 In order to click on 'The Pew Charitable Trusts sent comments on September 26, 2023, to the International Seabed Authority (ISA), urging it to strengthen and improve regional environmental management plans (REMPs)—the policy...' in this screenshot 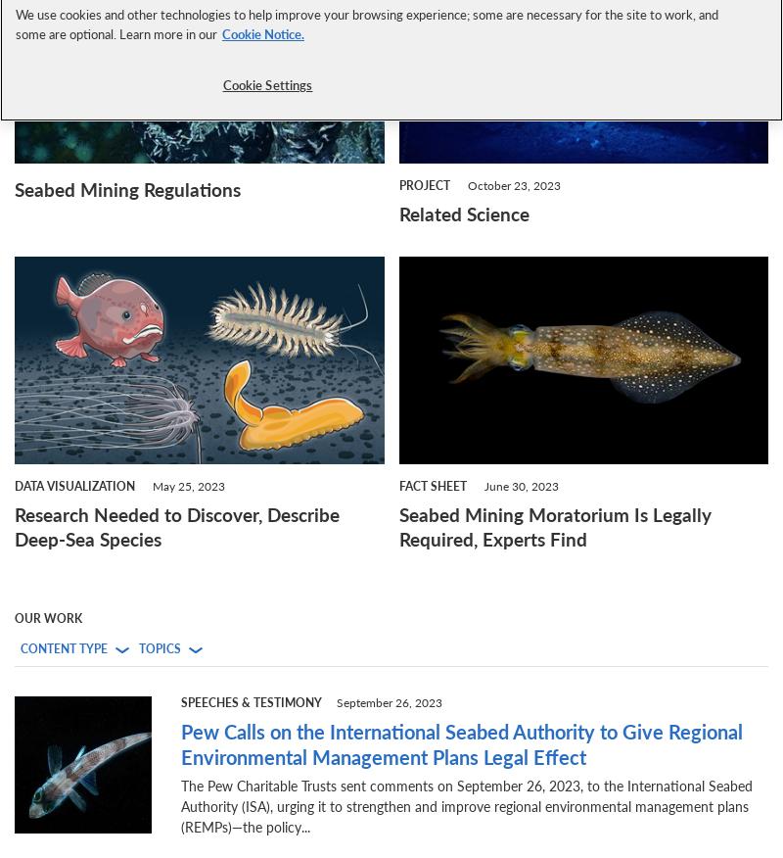, I will do `click(467, 805)`.